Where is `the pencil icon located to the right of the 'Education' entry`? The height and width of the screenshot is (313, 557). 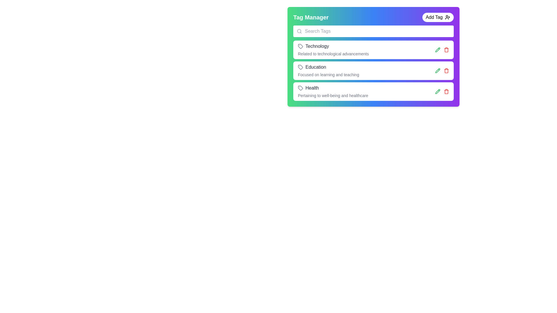
the pencil icon located to the right of the 'Education' entry is located at coordinates (437, 49).